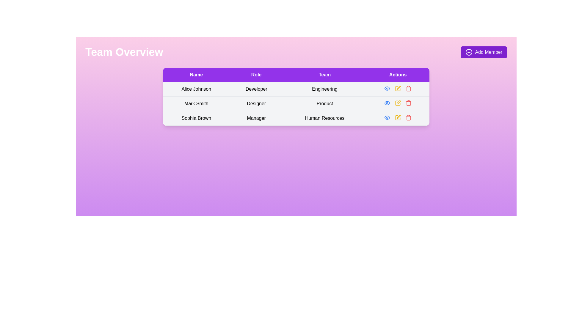 Image resolution: width=571 pixels, height=321 pixels. What do you see at coordinates (398, 88) in the screenshot?
I see `the yellow pen icon in the 'Actions' column for the entry 'Mark Smith'` at bounding box center [398, 88].